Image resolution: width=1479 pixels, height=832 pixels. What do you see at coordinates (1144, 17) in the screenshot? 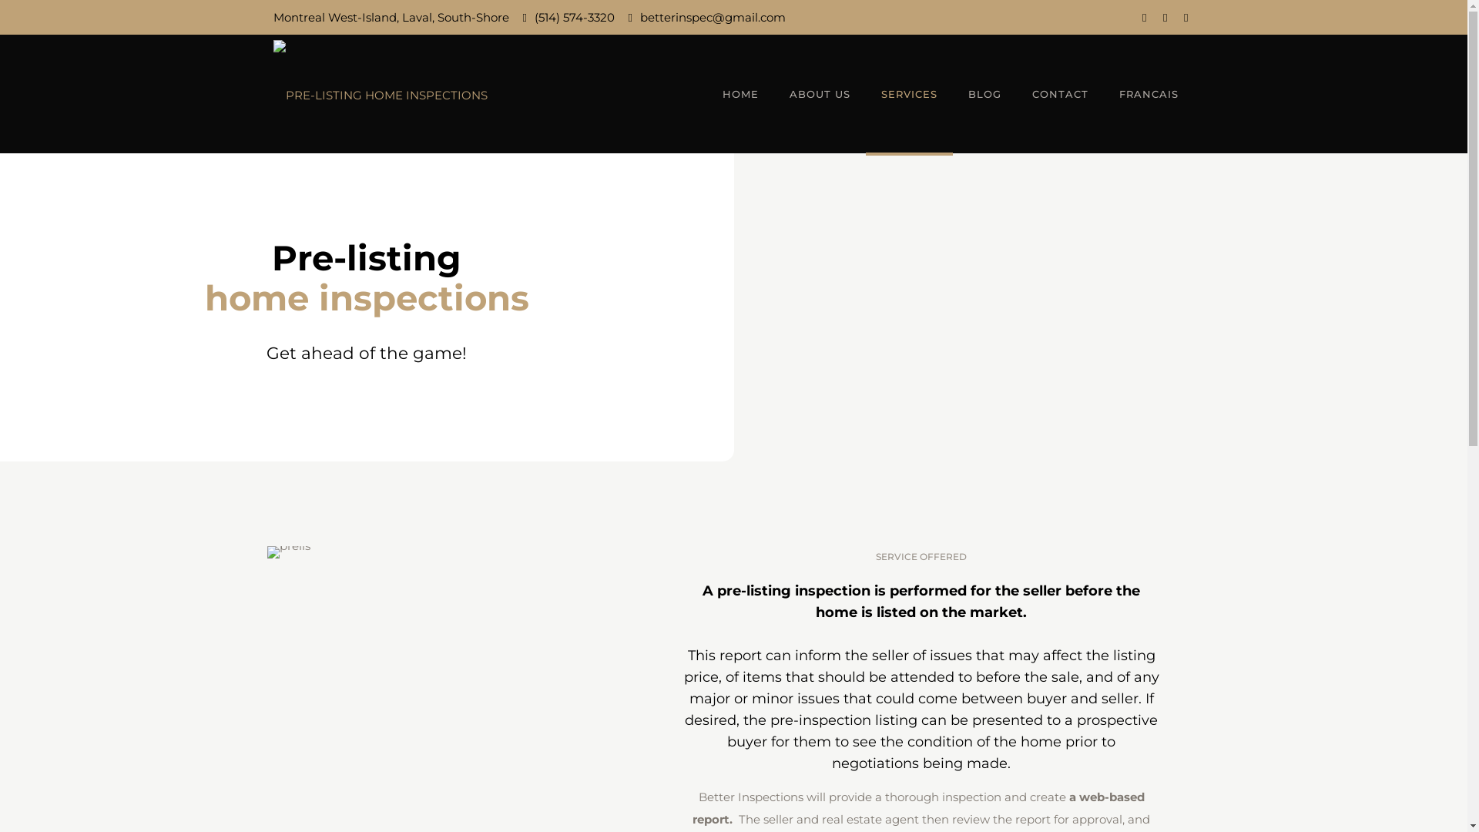
I see `'Facebook'` at bounding box center [1144, 17].